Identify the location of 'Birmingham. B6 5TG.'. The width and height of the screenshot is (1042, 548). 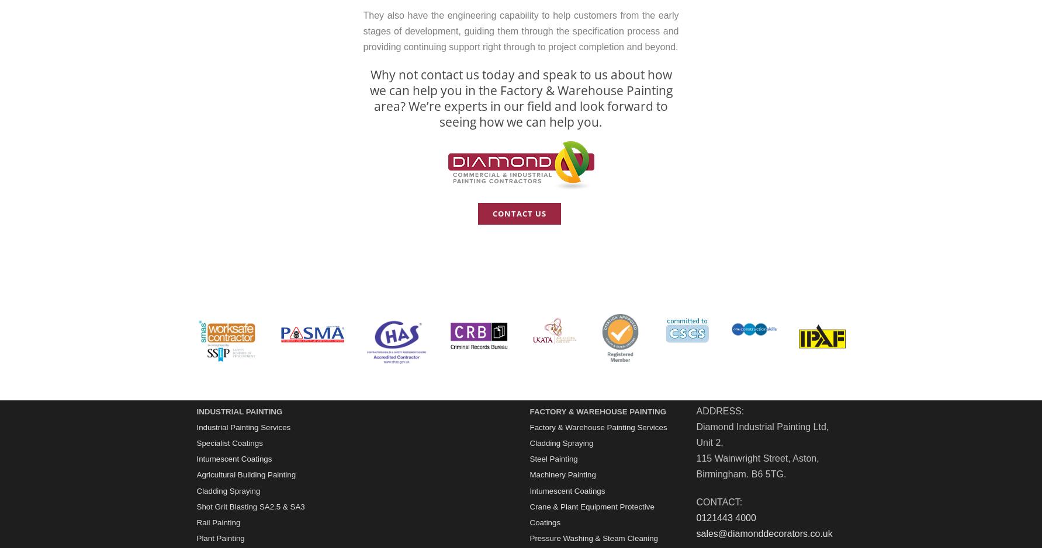
(741, 474).